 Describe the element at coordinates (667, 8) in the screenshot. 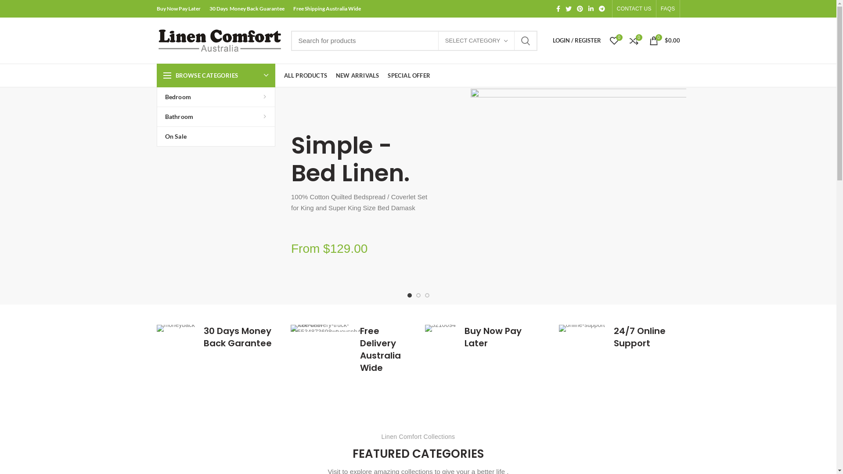

I see `'FAQS'` at that location.